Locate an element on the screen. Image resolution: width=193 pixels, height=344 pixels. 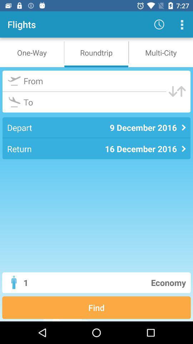
option button is located at coordinates (182, 24).